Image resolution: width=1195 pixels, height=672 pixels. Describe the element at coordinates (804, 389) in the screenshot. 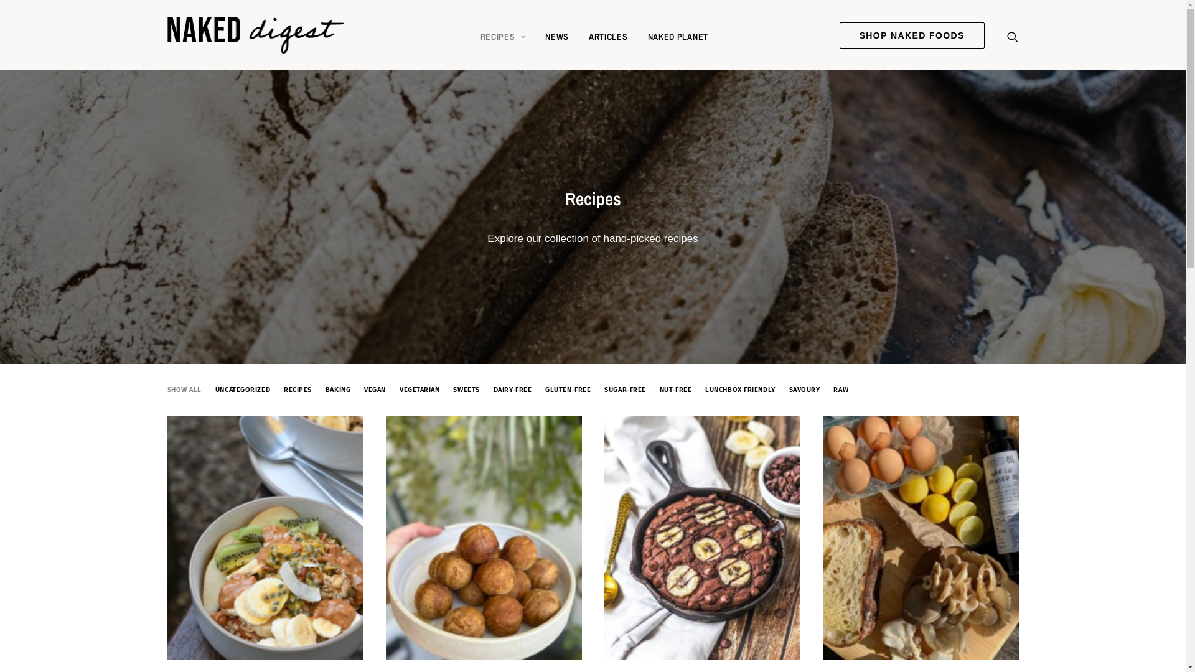

I see `'SAVOURY'` at that location.